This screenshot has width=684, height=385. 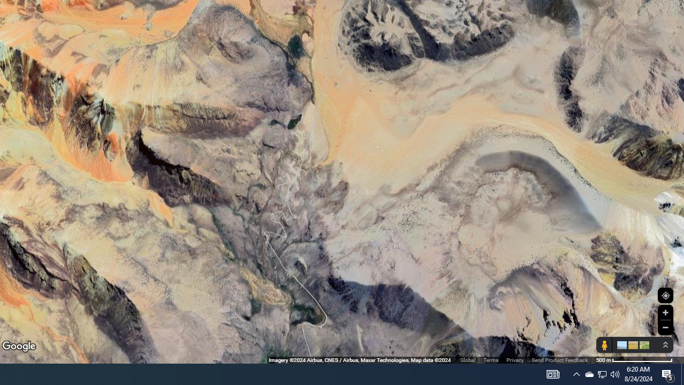 What do you see at coordinates (642, 345) in the screenshot?
I see `'Show imagery'` at bounding box center [642, 345].